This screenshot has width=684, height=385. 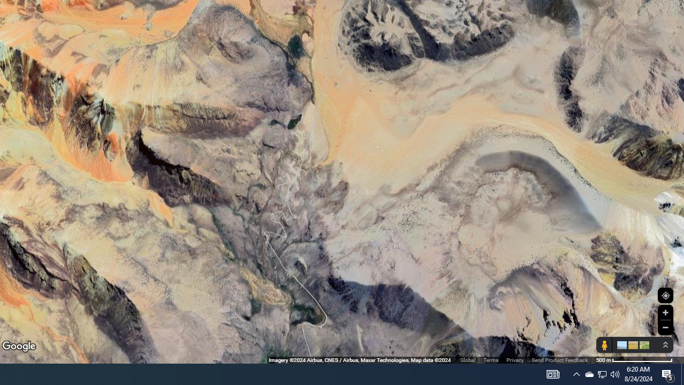 What do you see at coordinates (642, 345) in the screenshot?
I see `'Show imagery'` at bounding box center [642, 345].